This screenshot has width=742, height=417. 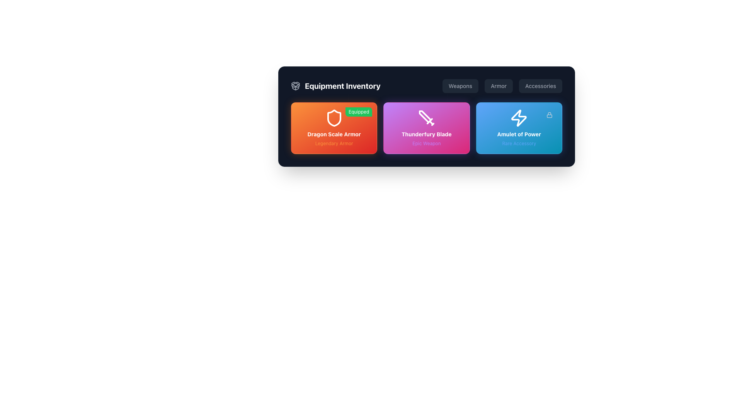 I want to click on the 'Thunderfury Blade' icon located, so click(x=426, y=118).